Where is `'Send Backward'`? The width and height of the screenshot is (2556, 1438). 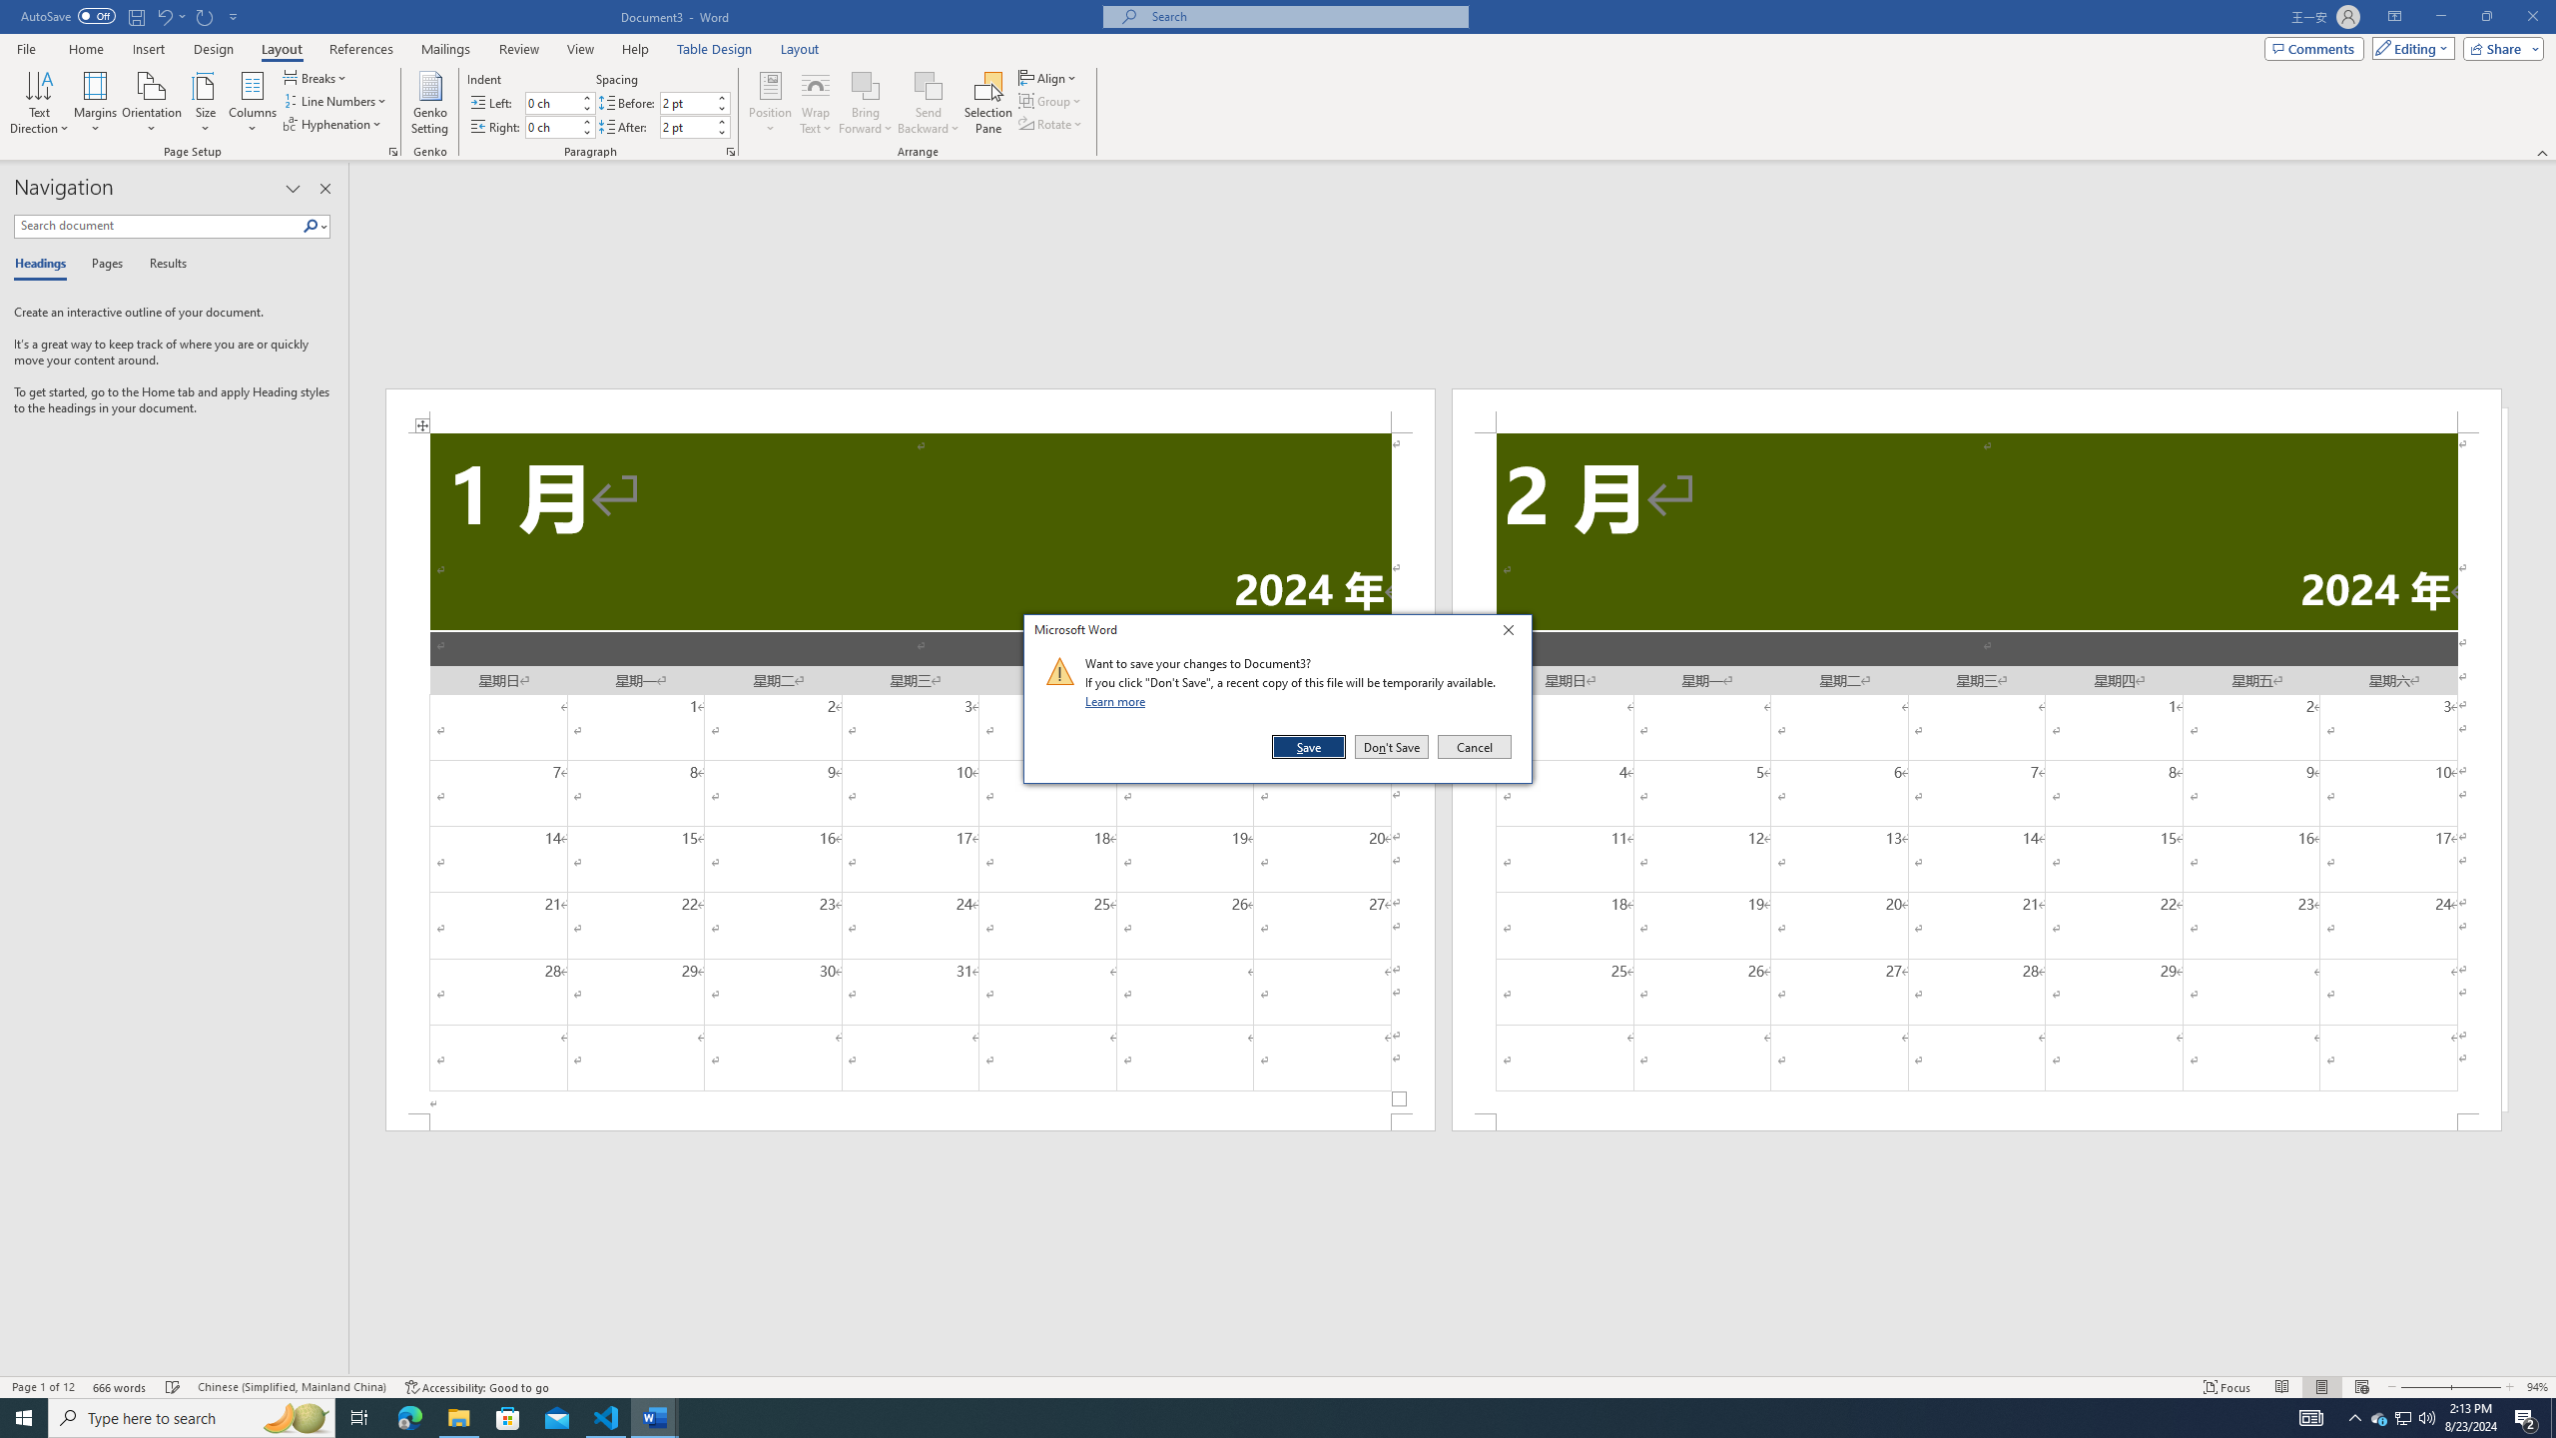
'Send Backward' is located at coordinates (928, 84).